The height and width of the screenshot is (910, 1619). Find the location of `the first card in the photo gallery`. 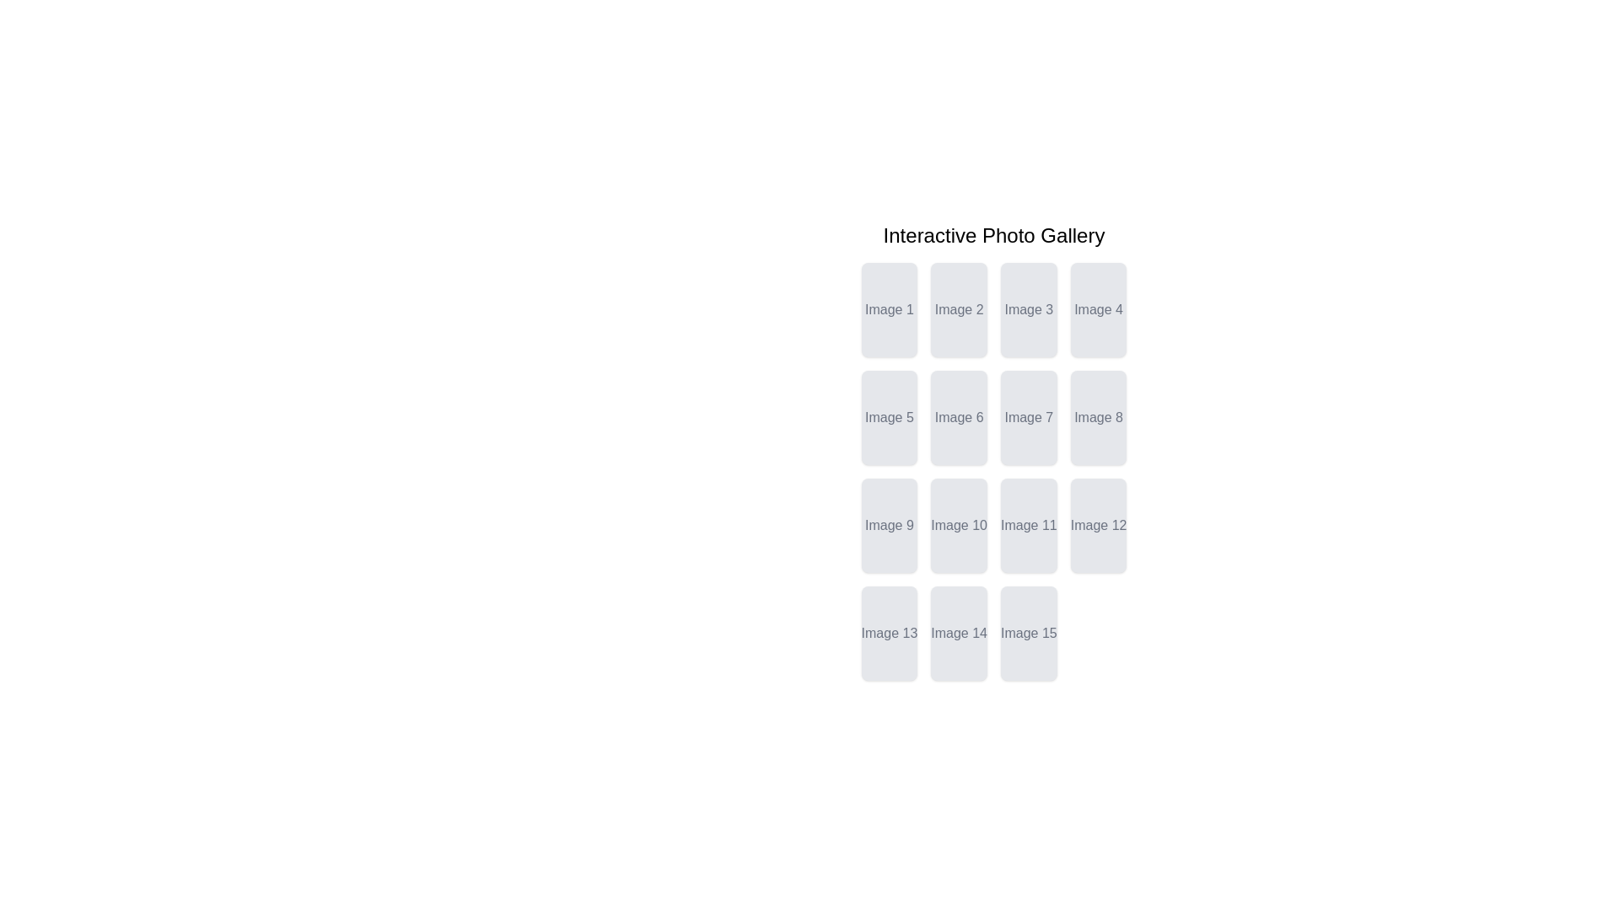

the first card in the photo gallery is located at coordinates (888, 309).